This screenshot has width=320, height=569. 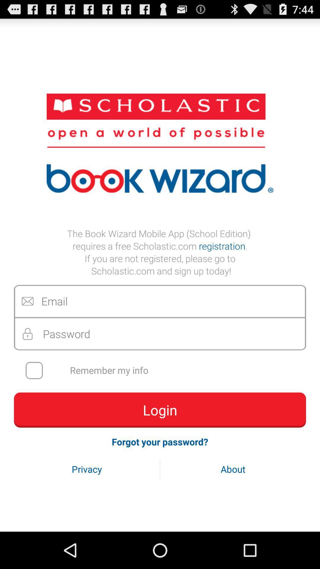 What do you see at coordinates (160, 334) in the screenshot?
I see `password box` at bounding box center [160, 334].